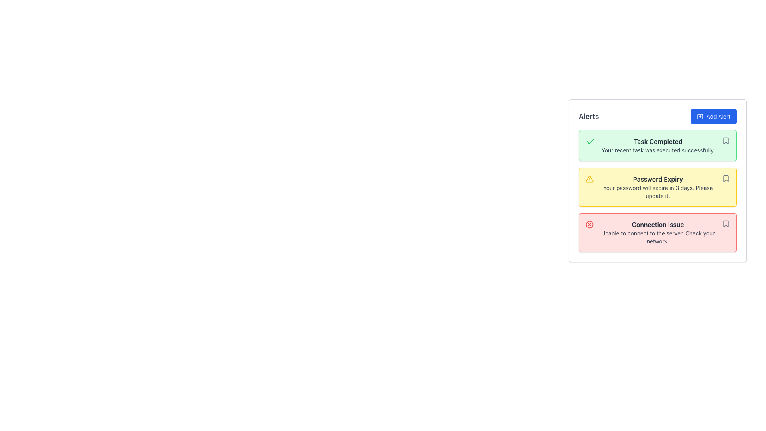 The width and height of the screenshot is (766, 431). Describe the element at coordinates (658, 187) in the screenshot. I see `text notification titled 'Password Expiry' that indicates 'Your password will expire in 3 days. Please update it.'` at that location.